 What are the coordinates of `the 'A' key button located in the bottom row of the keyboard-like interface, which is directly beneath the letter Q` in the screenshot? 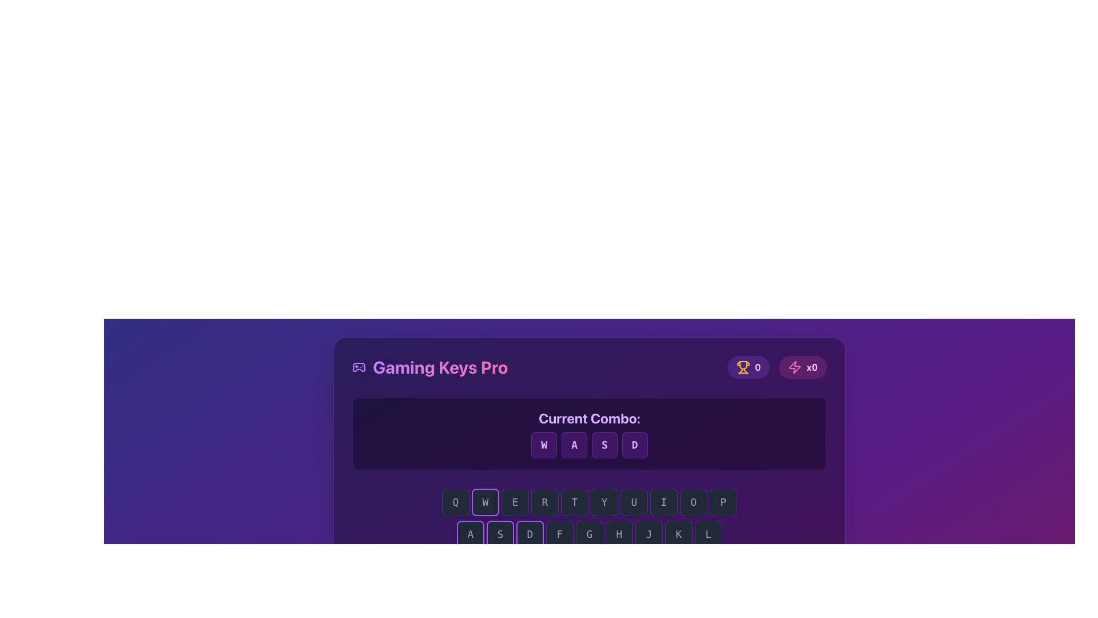 It's located at (470, 534).